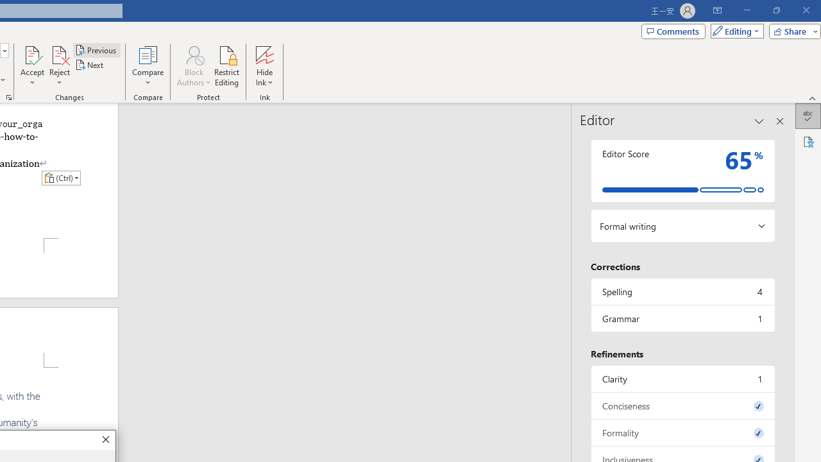  I want to click on 'Spelling, 4 issues. Press space or enter to review items.', so click(682, 291).